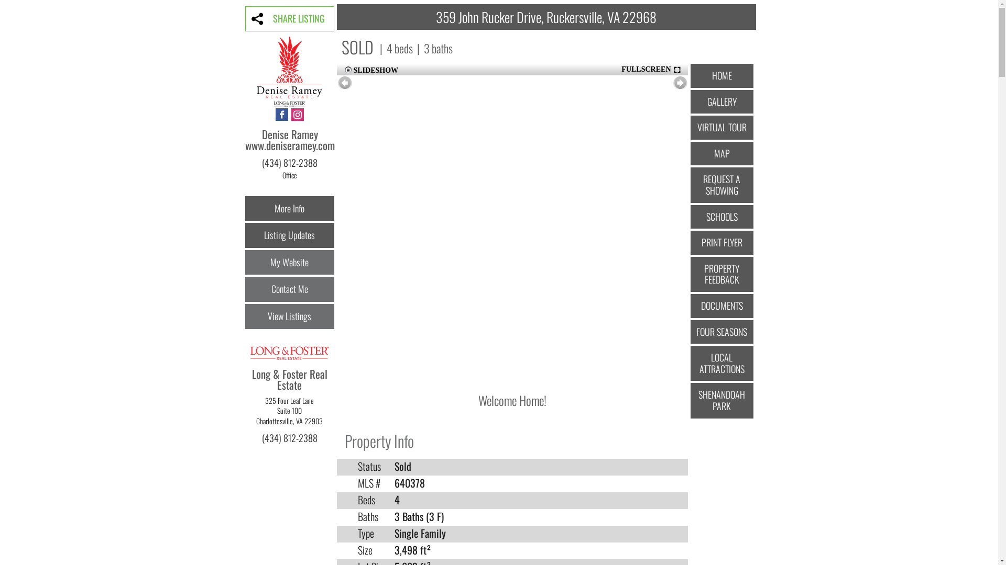 The width and height of the screenshot is (1006, 565). Describe the element at coordinates (721, 363) in the screenshot. I see `'LOCAL ATTRACTIONS'` at that location.